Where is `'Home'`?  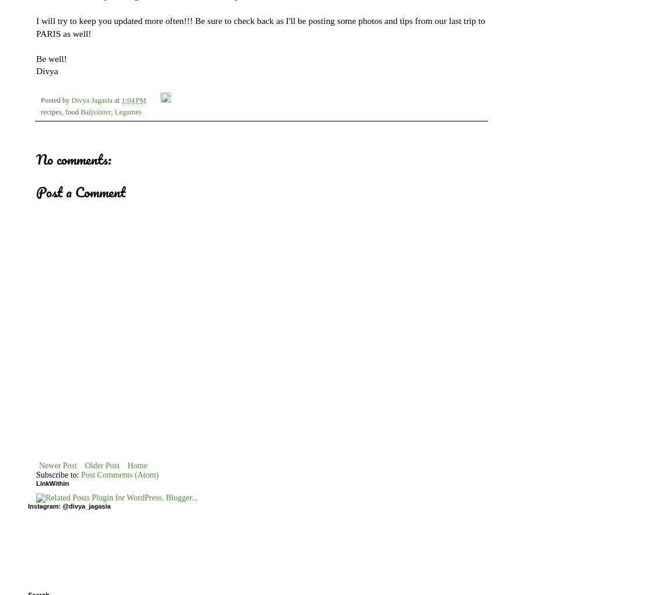
'Home' is located at coordinates (137, 465).